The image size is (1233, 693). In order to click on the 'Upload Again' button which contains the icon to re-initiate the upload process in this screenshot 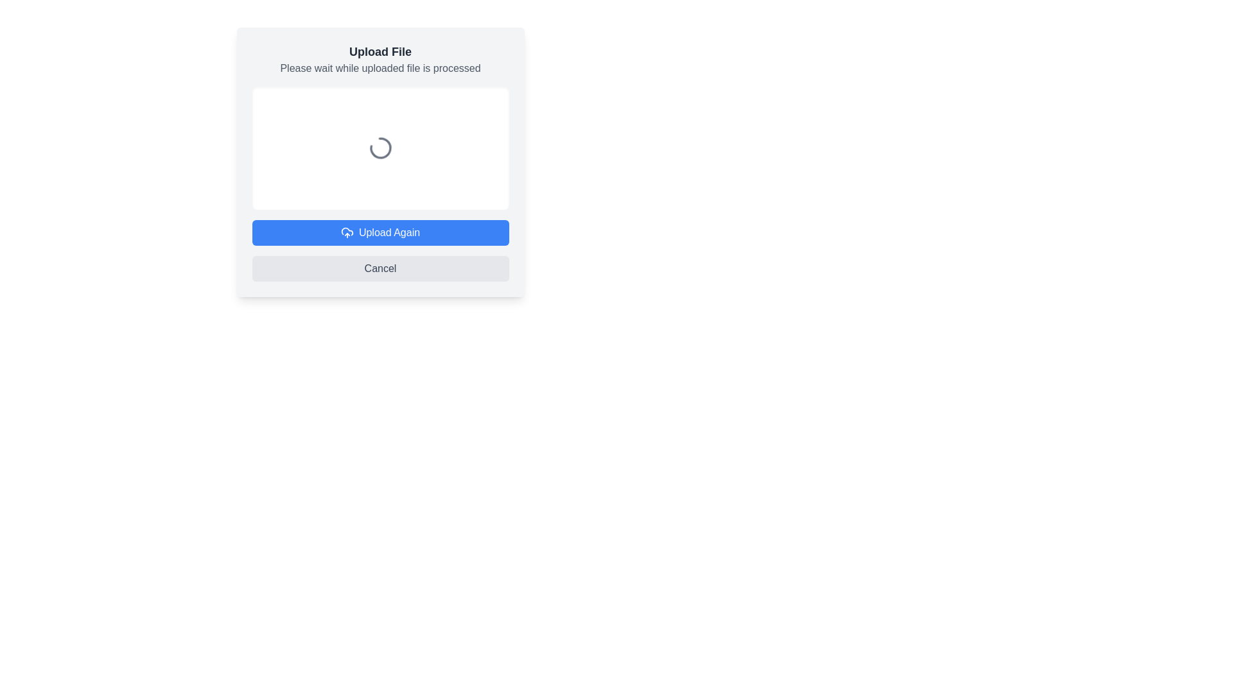, I will do `click(347, 232)`.